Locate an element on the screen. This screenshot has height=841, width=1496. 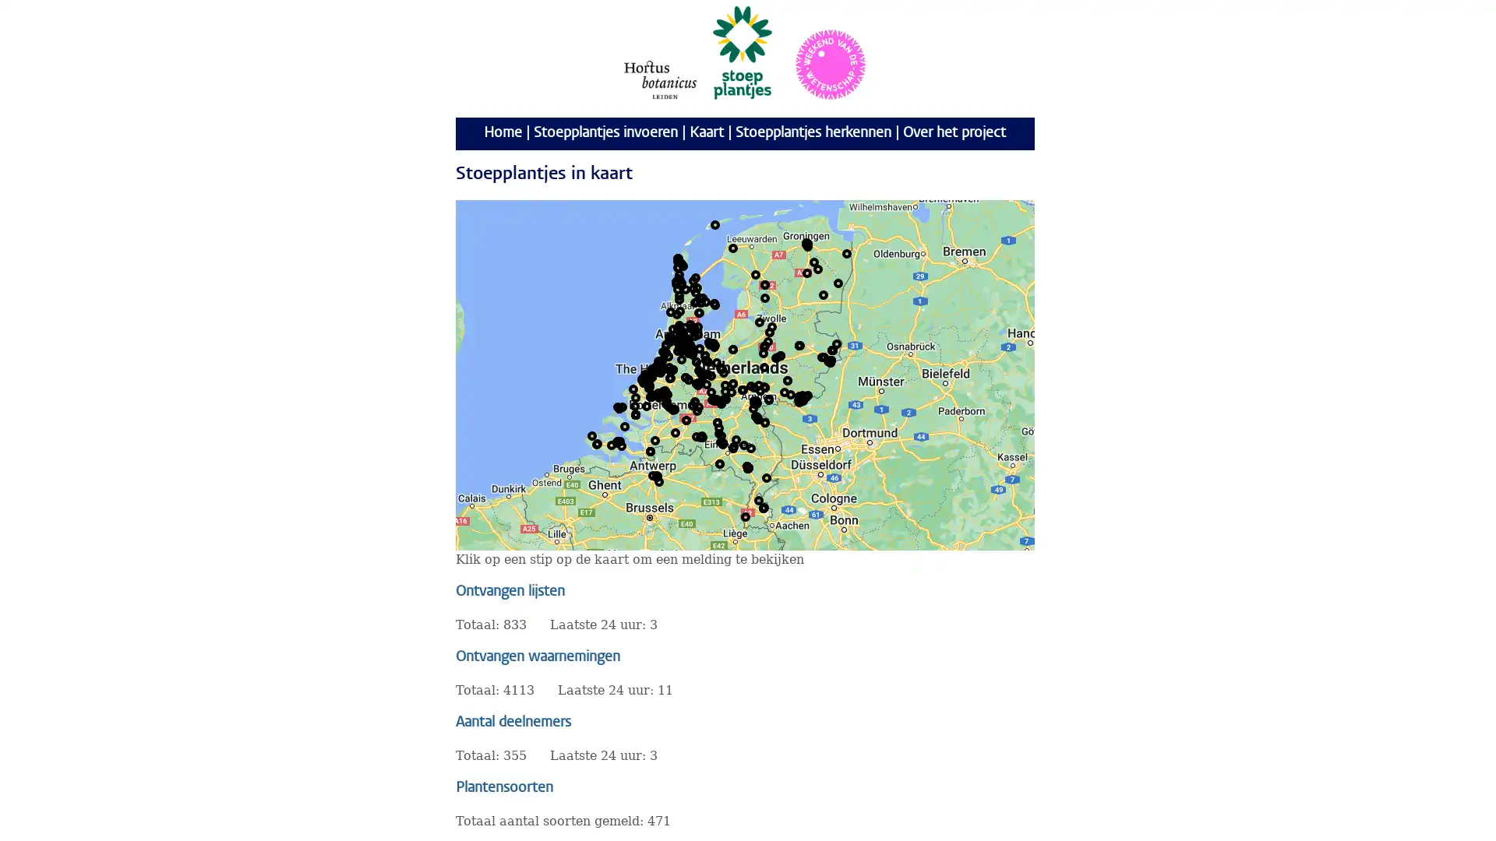
Telling van op 30 januari 2022 is located at coordinates (714, 344).